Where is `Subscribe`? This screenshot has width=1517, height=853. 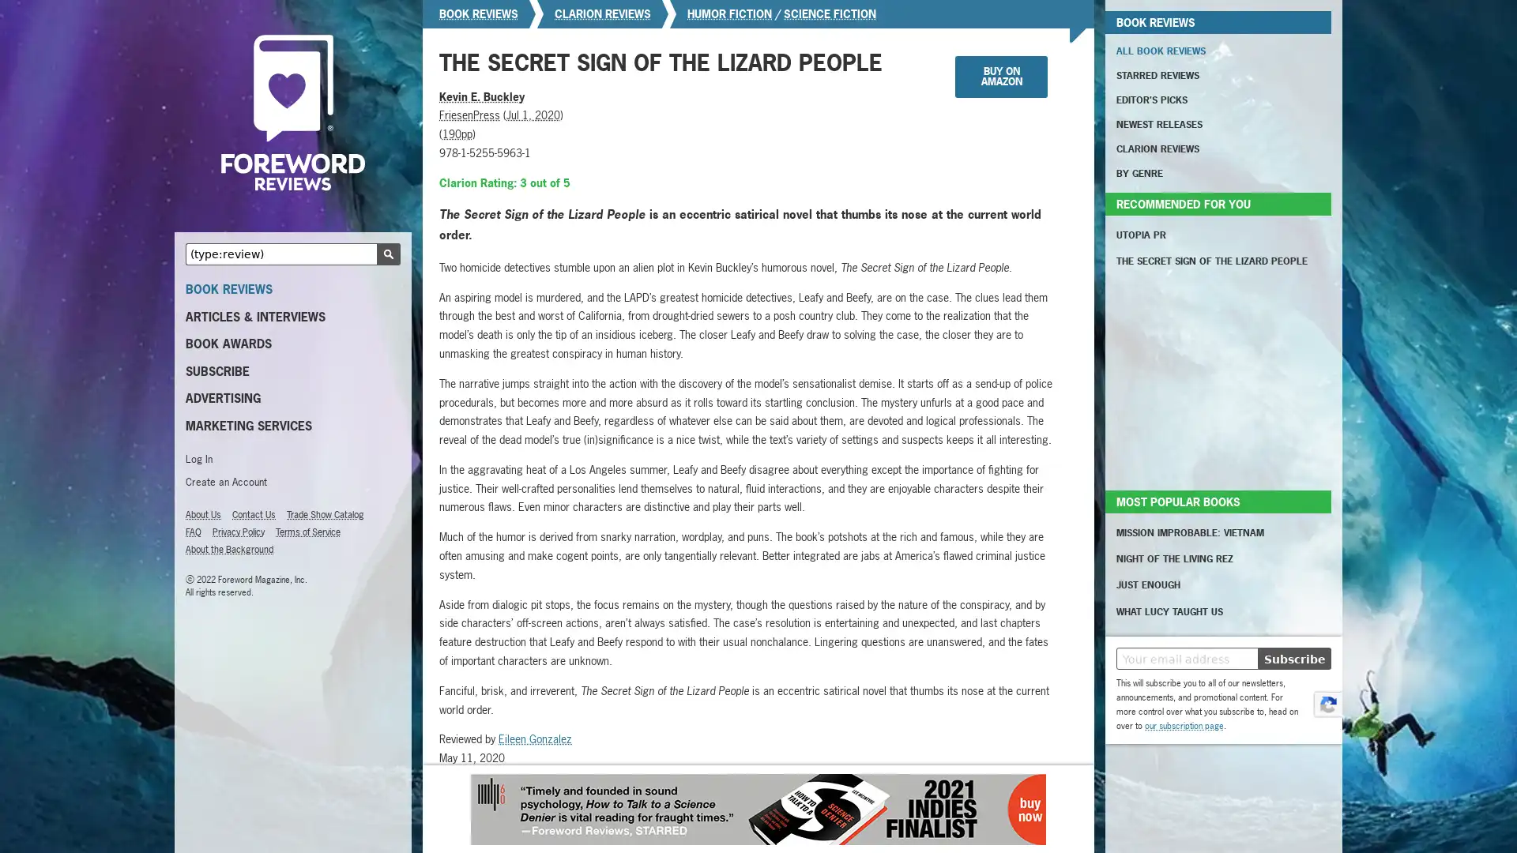 Subscribe is located at coordinates (1294, 658).